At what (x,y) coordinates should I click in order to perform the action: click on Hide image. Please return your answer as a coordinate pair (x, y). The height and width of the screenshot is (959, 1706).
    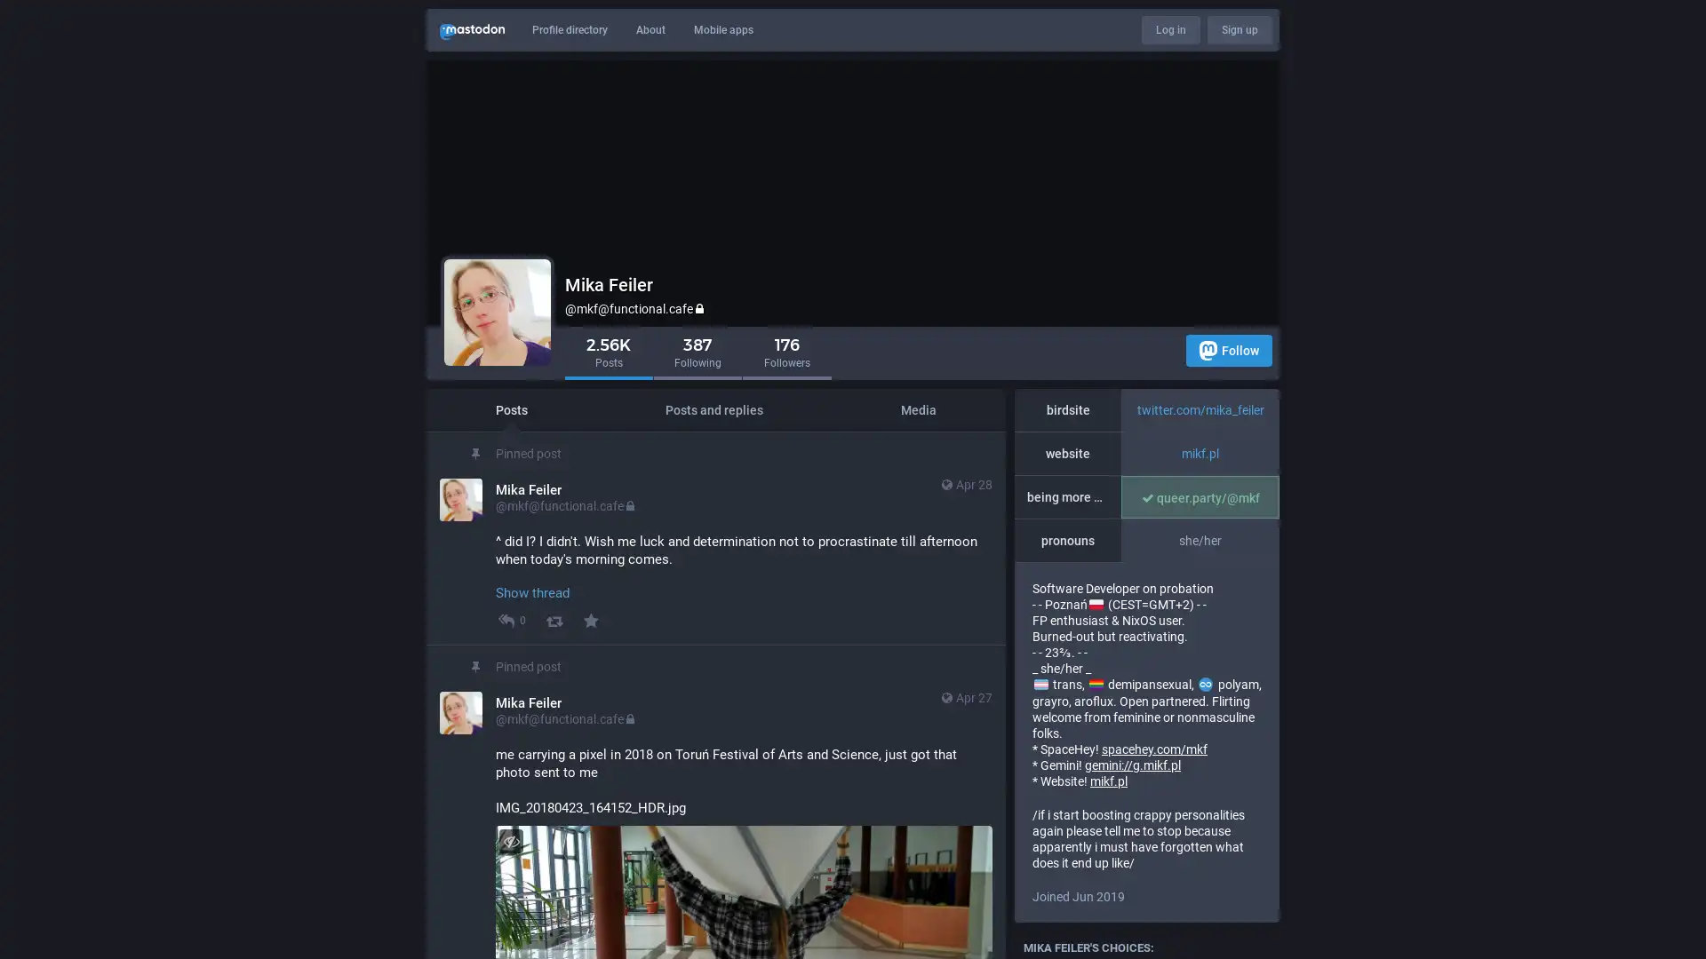
    Looking at the image, I should click on (510, 840).